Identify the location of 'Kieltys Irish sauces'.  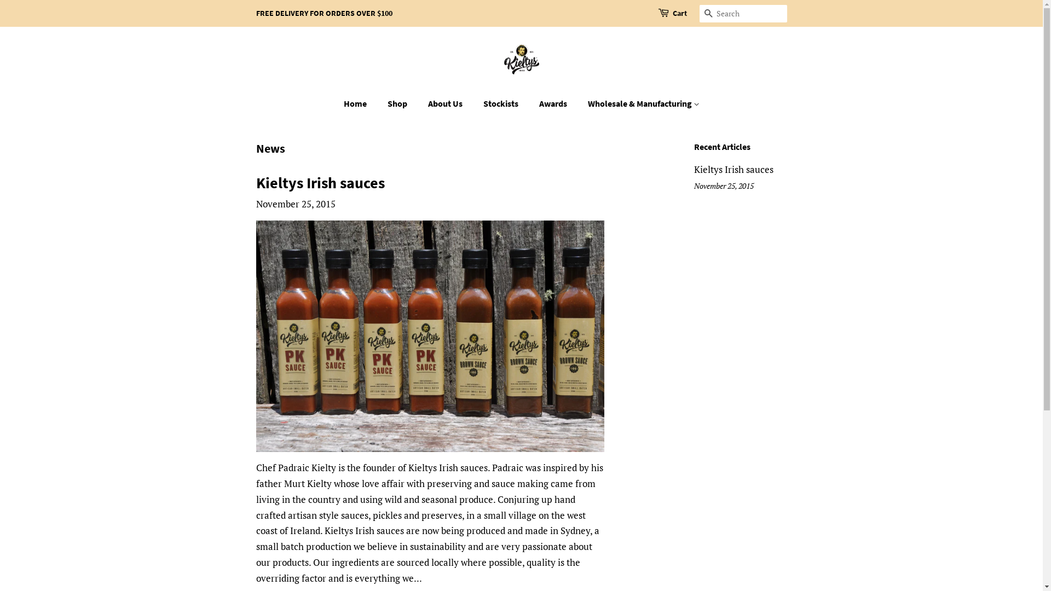
(734, 169).